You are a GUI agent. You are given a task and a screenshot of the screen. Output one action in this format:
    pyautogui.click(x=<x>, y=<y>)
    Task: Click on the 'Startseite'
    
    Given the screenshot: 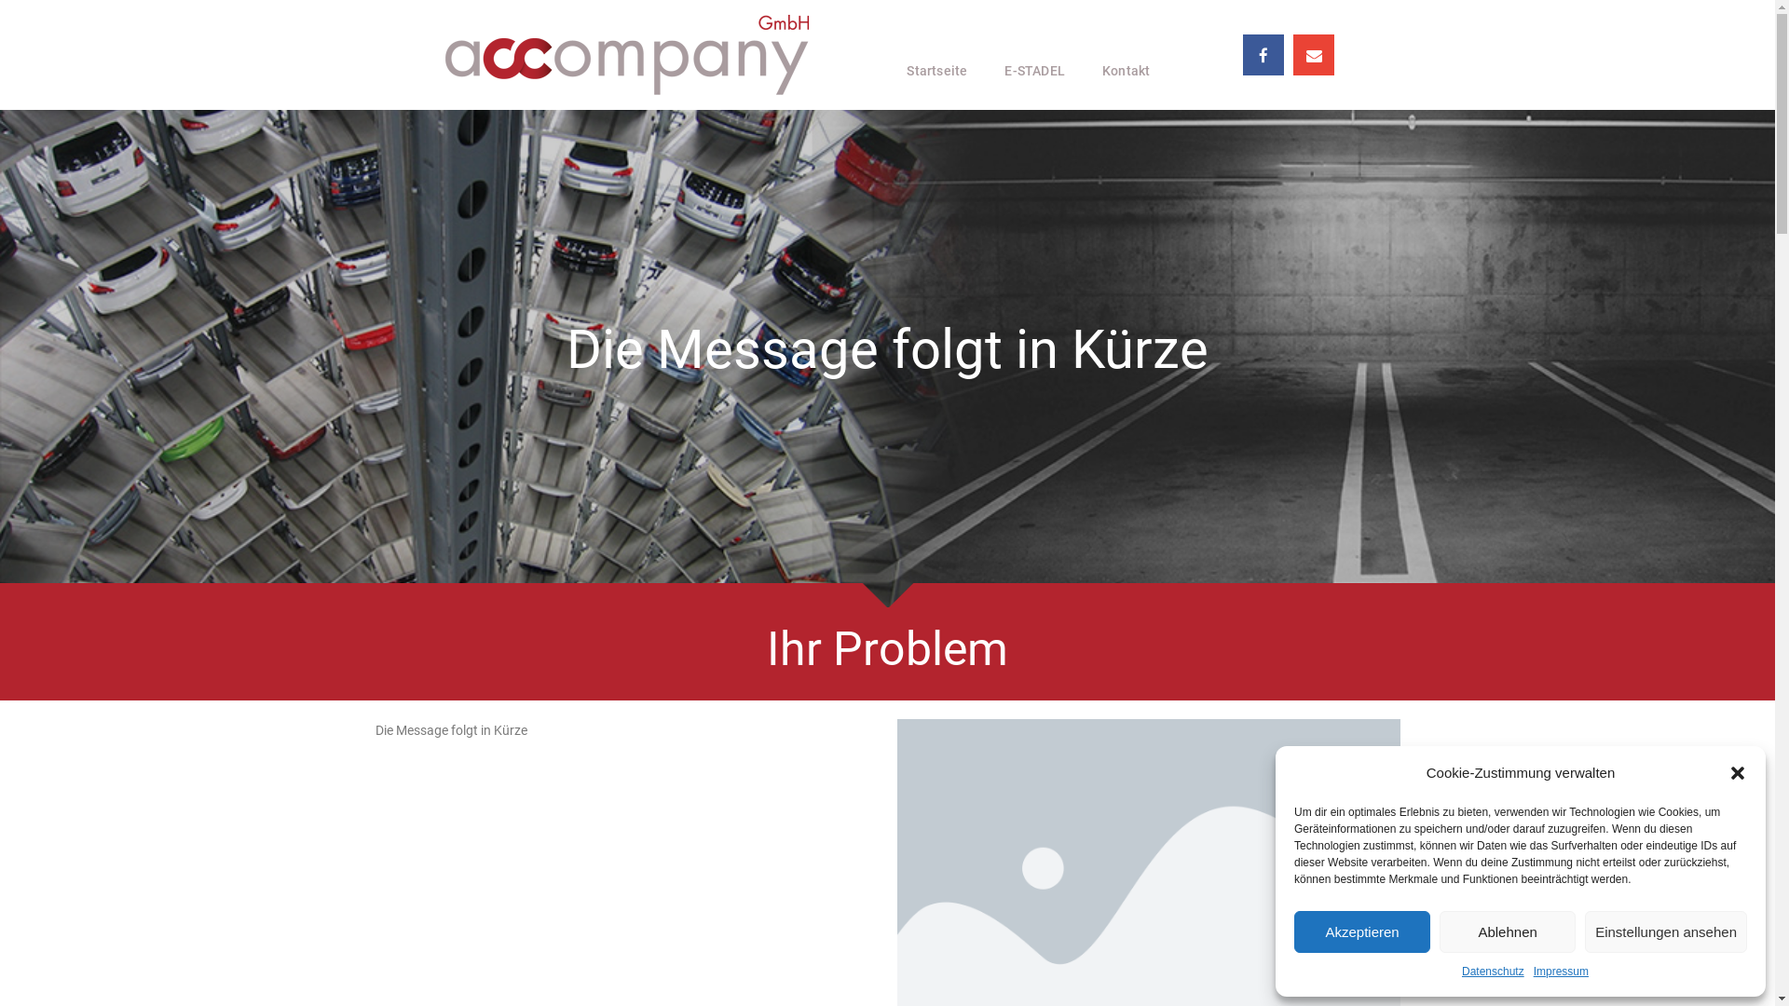 What is the action you would take?
    pyautogui.click(x=887, y=70)
    